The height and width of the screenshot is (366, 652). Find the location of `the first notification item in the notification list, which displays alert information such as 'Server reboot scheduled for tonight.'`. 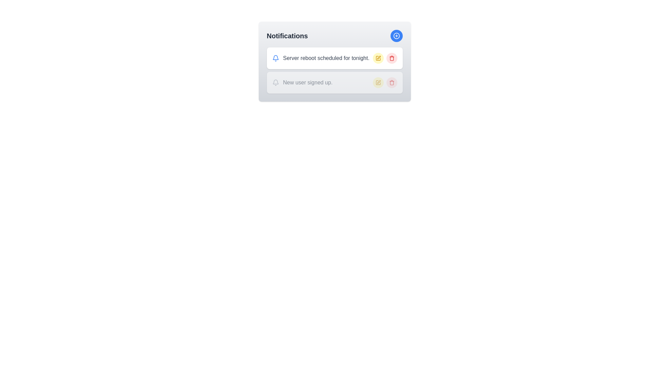

the first notification item in the notification list, which displays alert information such as 'Server reboot scheduled for tonight.' is located at coordinates (334, 61).